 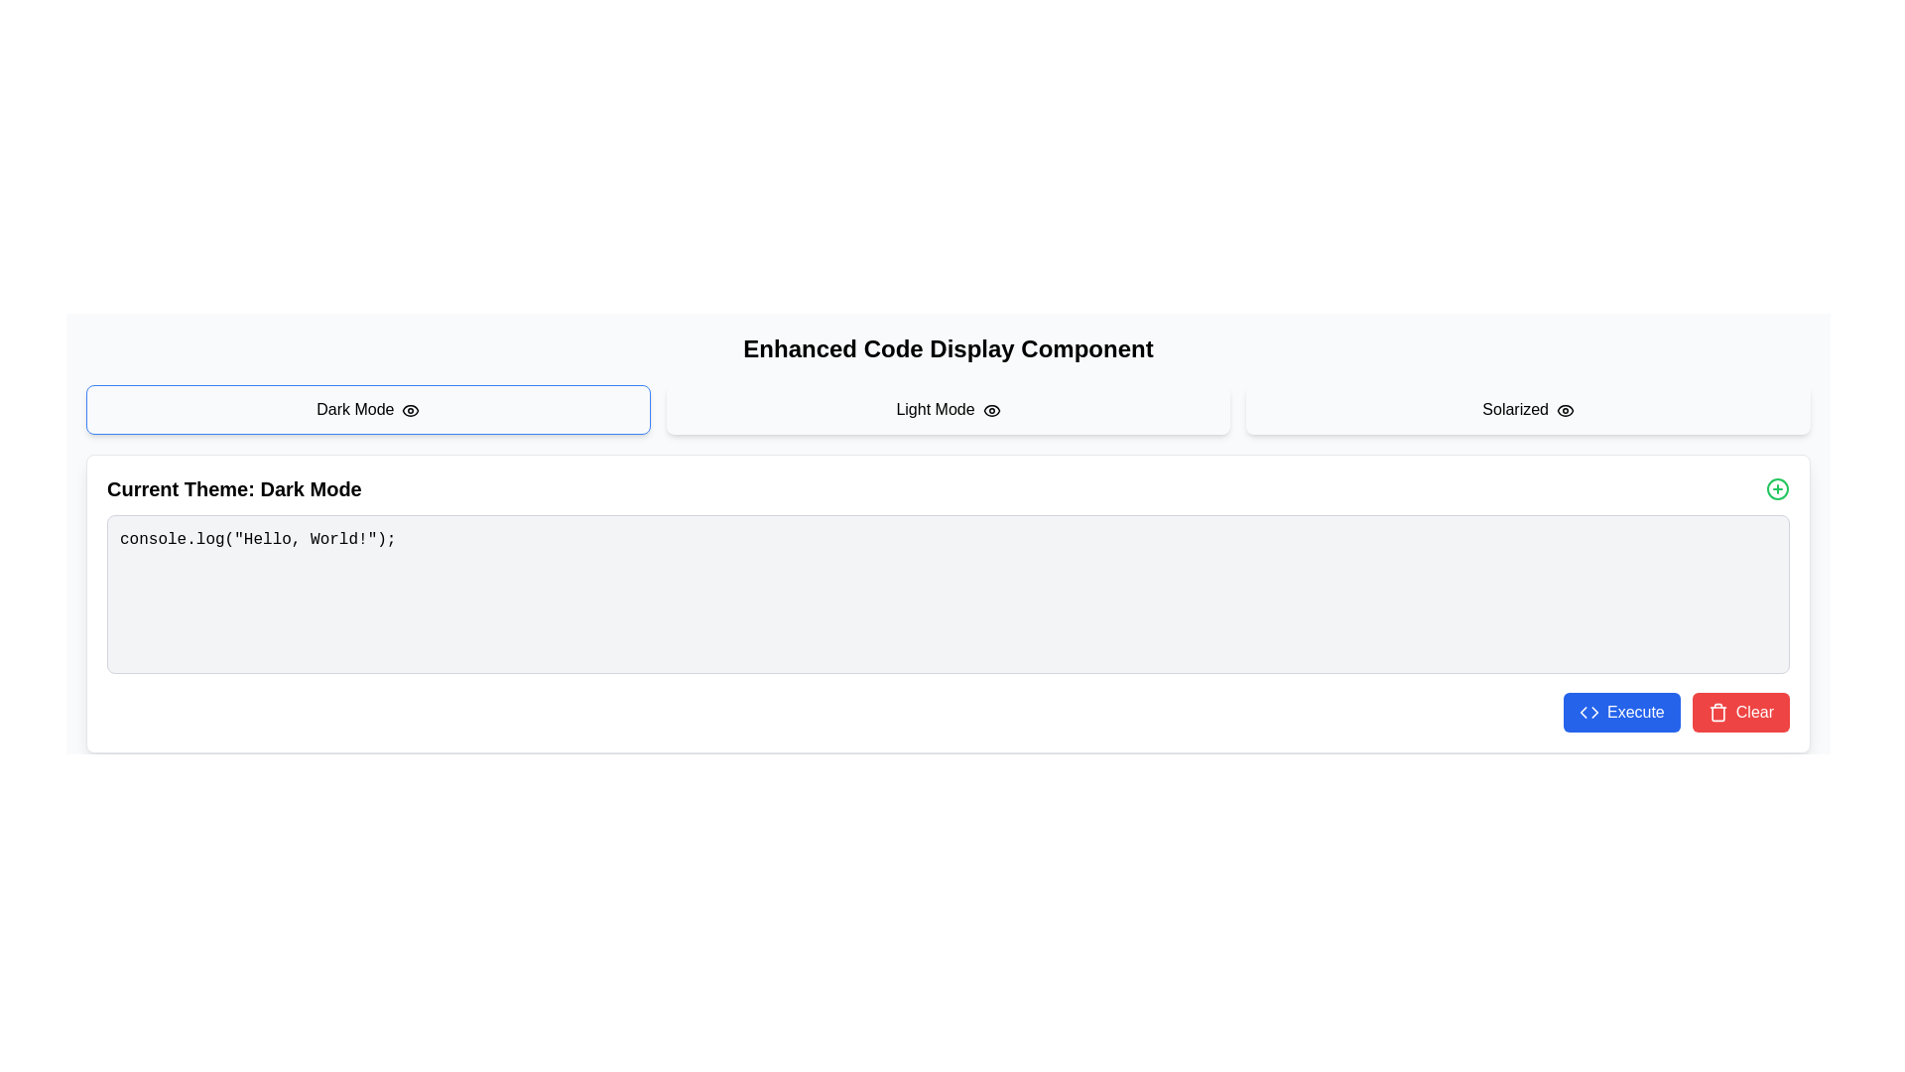 What do you see at coordinates (947, 408) in the screenshot?
I see `the 'Light Mode' button, which is a rectangular button with rounded borders and an eye icon, located in the middle of a three-button grid` at bounding box center [947, 408].